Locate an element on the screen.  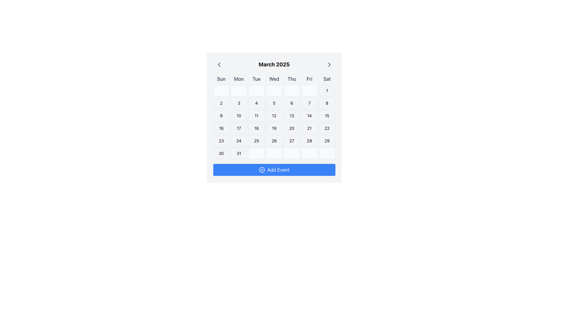
the calendar day grid square representing the twenty-sixth date in the grid layout is located at coordinates (274, 141).